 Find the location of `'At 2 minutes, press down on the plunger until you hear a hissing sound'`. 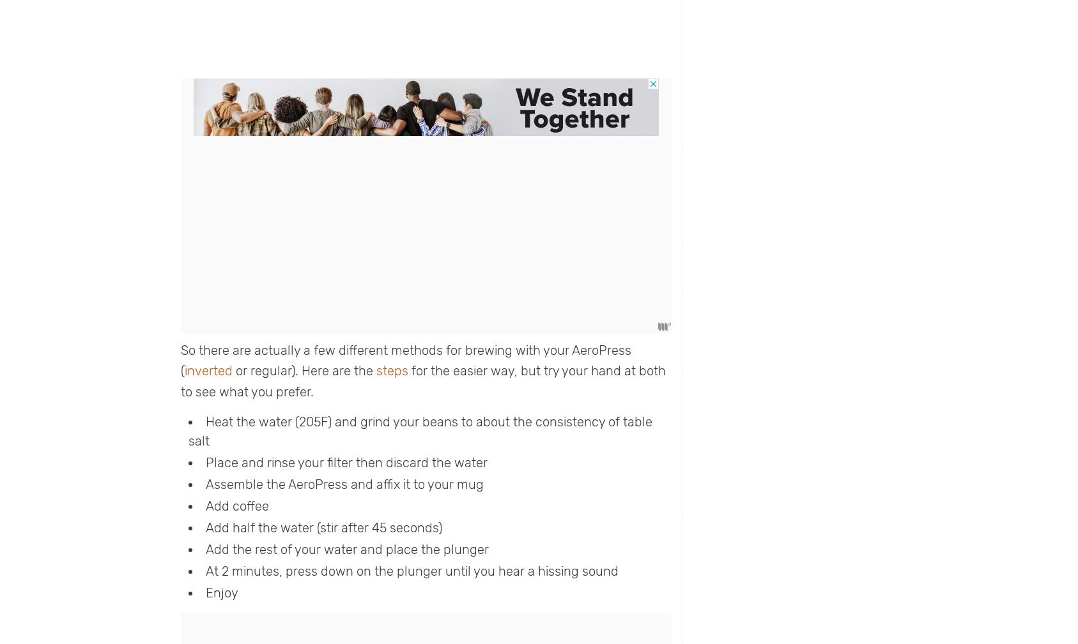

'At 2 minutes, press down on the plunger until you hear a hissing sound' is located at coordinates (412, 571).